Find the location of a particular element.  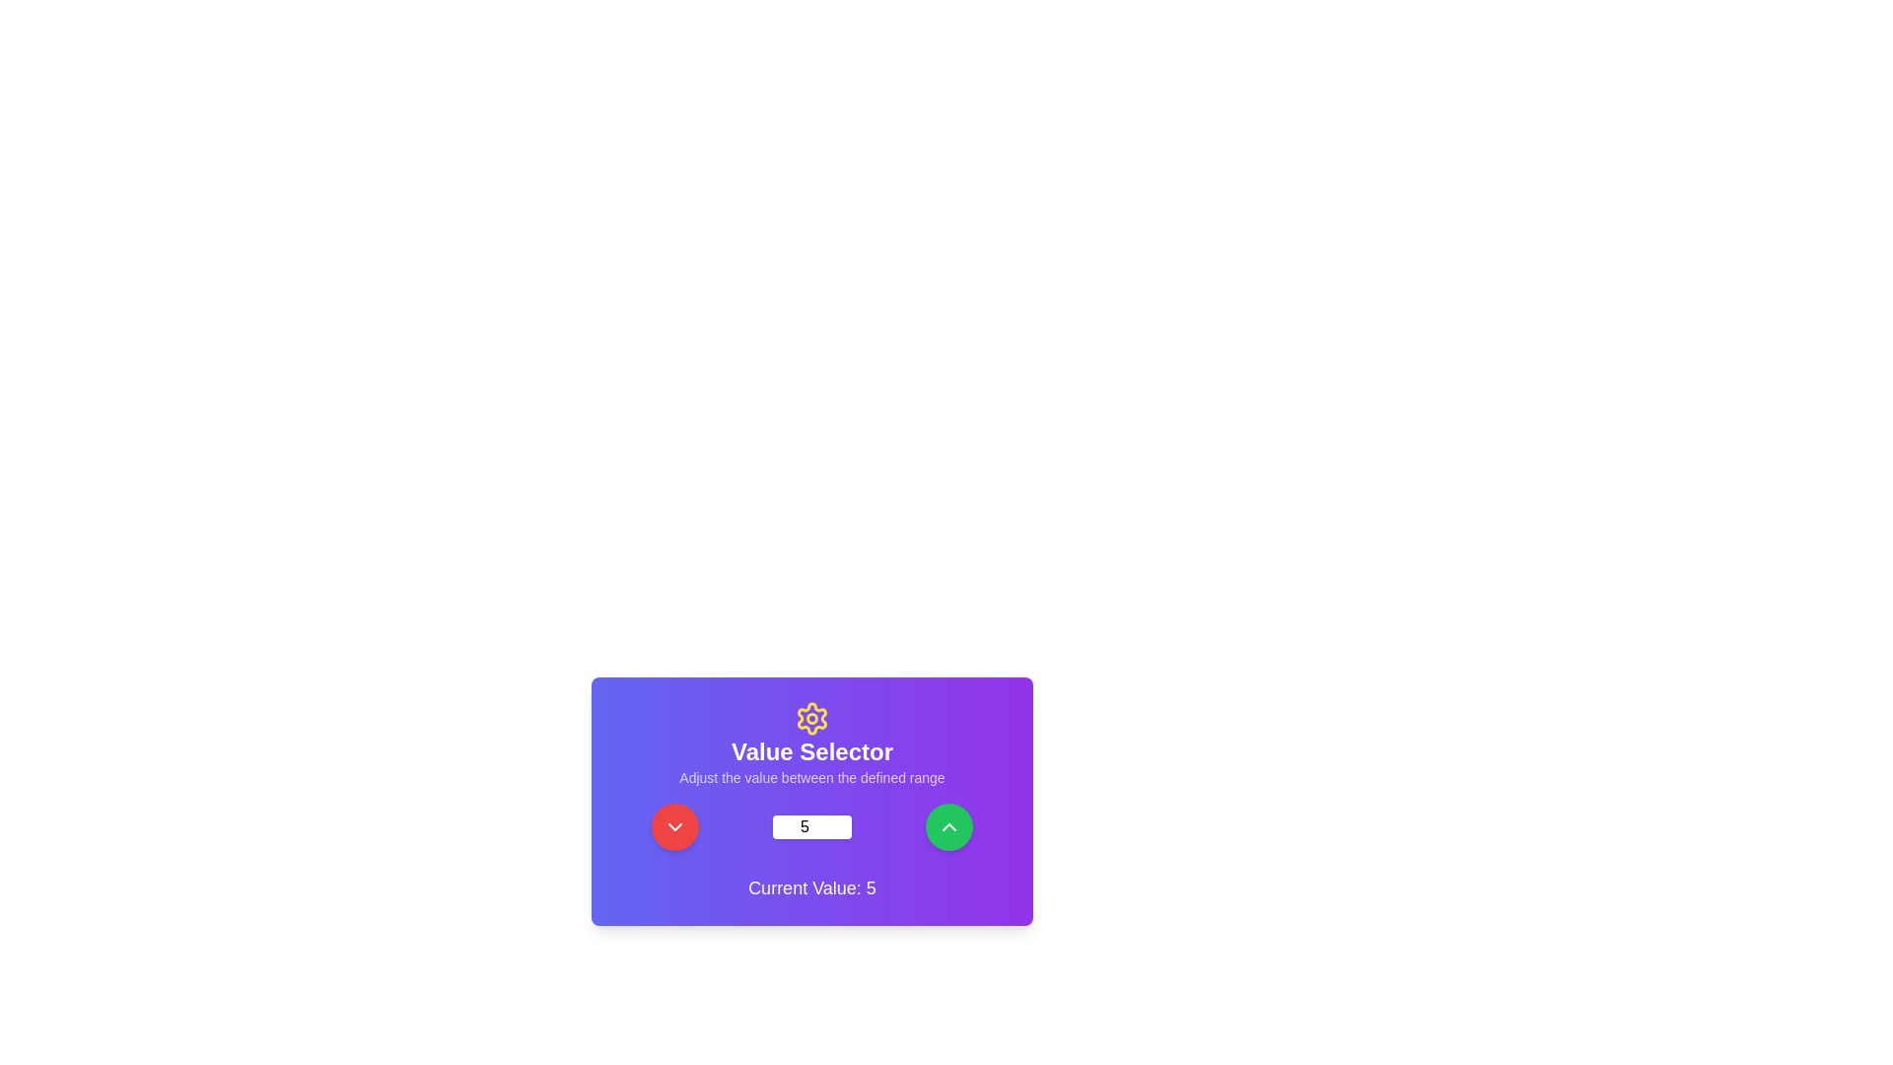

the gear-shaped icon with a yellow outline and a purple background, located at the top center within the card section is located at coordinates (812, 719).